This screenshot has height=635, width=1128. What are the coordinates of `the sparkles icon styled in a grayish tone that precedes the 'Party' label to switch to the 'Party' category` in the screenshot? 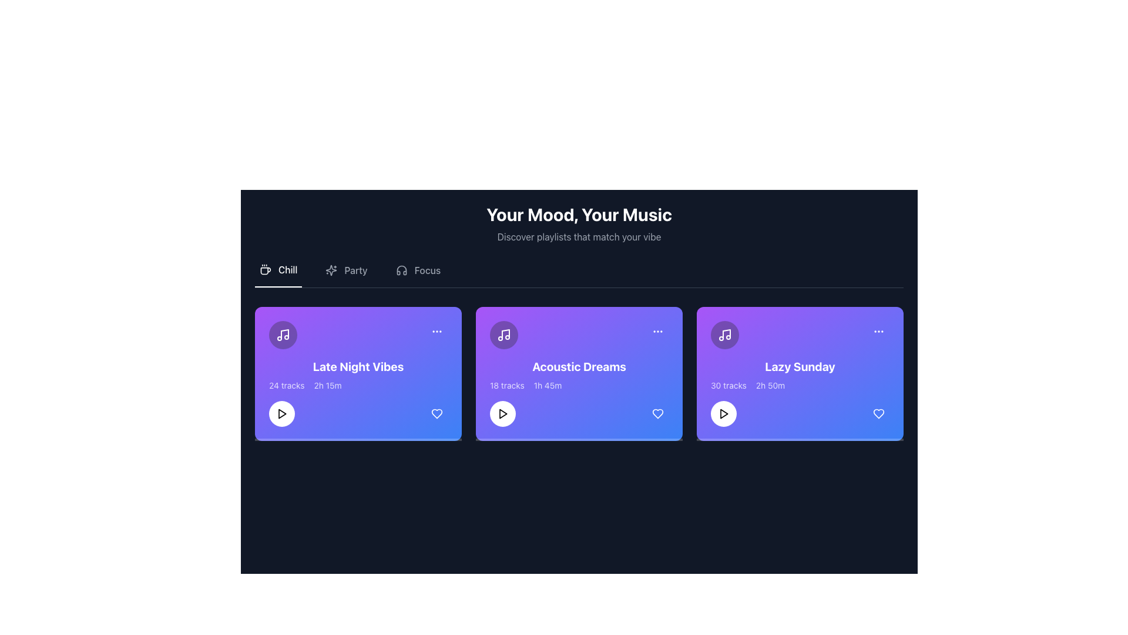 It's located at (331, 270).